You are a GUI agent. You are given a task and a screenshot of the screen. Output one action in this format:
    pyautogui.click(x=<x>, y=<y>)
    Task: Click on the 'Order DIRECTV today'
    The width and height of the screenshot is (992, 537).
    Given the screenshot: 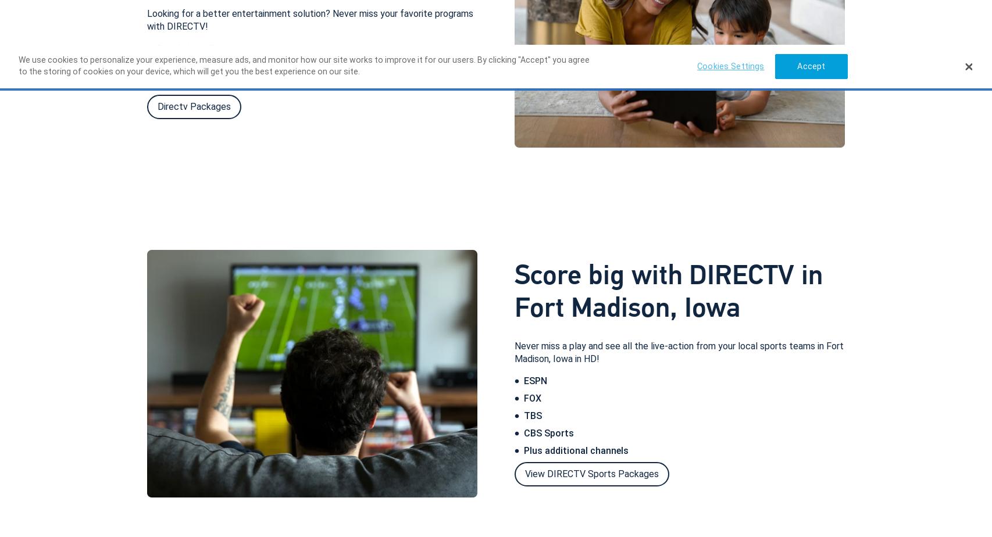 What is the action you would take?
    pyautogui.click(x=426, y=112)
    